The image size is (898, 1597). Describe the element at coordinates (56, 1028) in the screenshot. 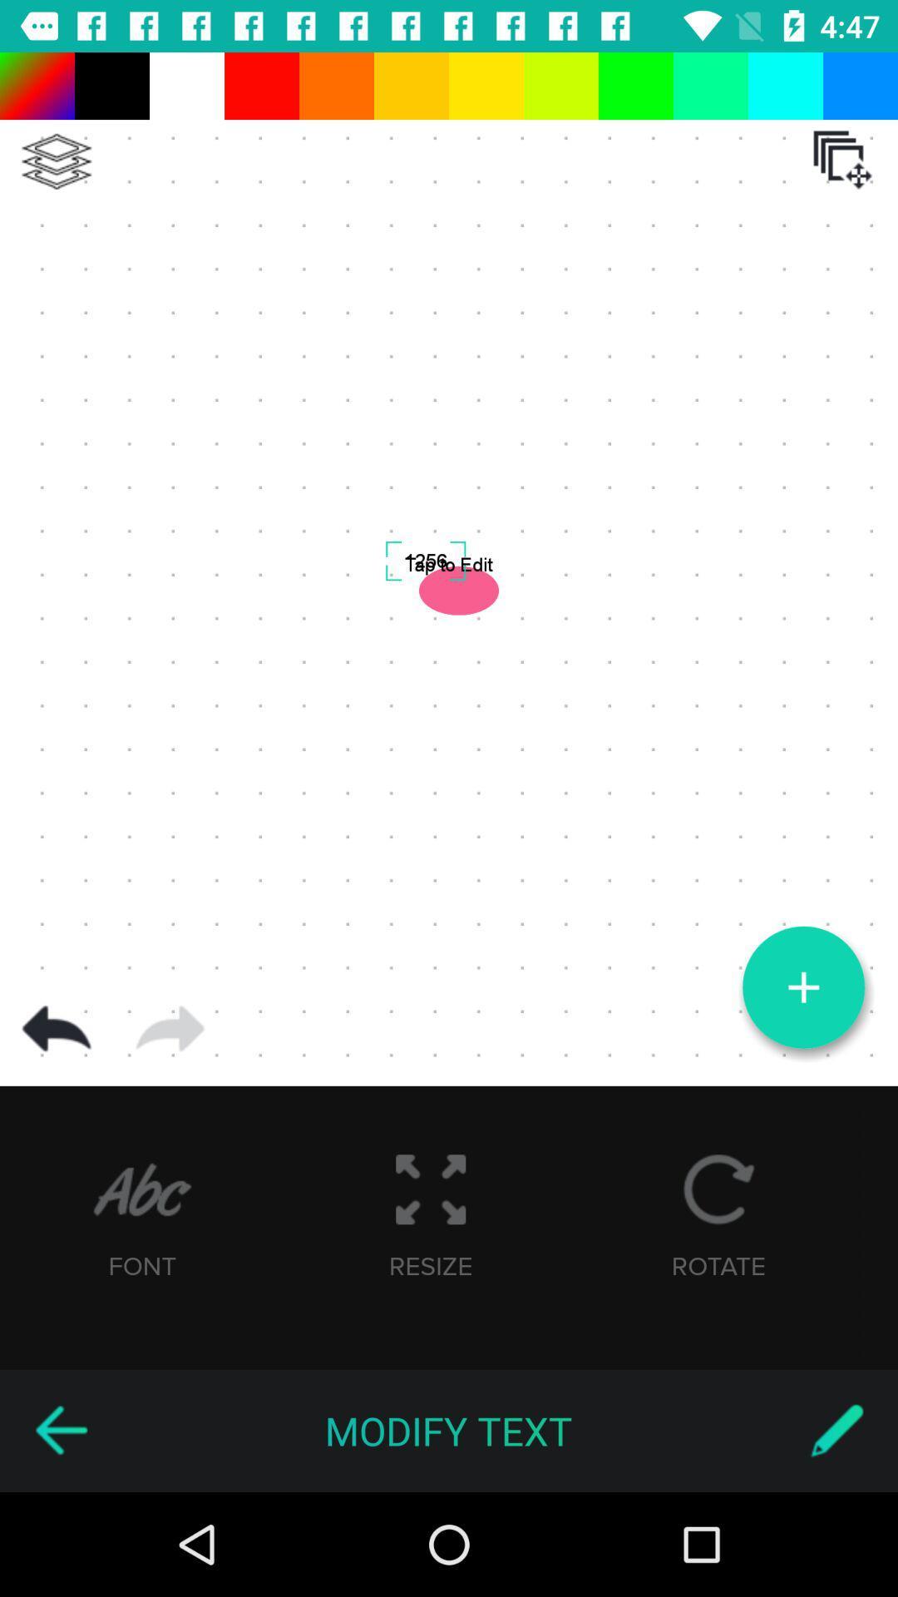

I see `go back` at that location.